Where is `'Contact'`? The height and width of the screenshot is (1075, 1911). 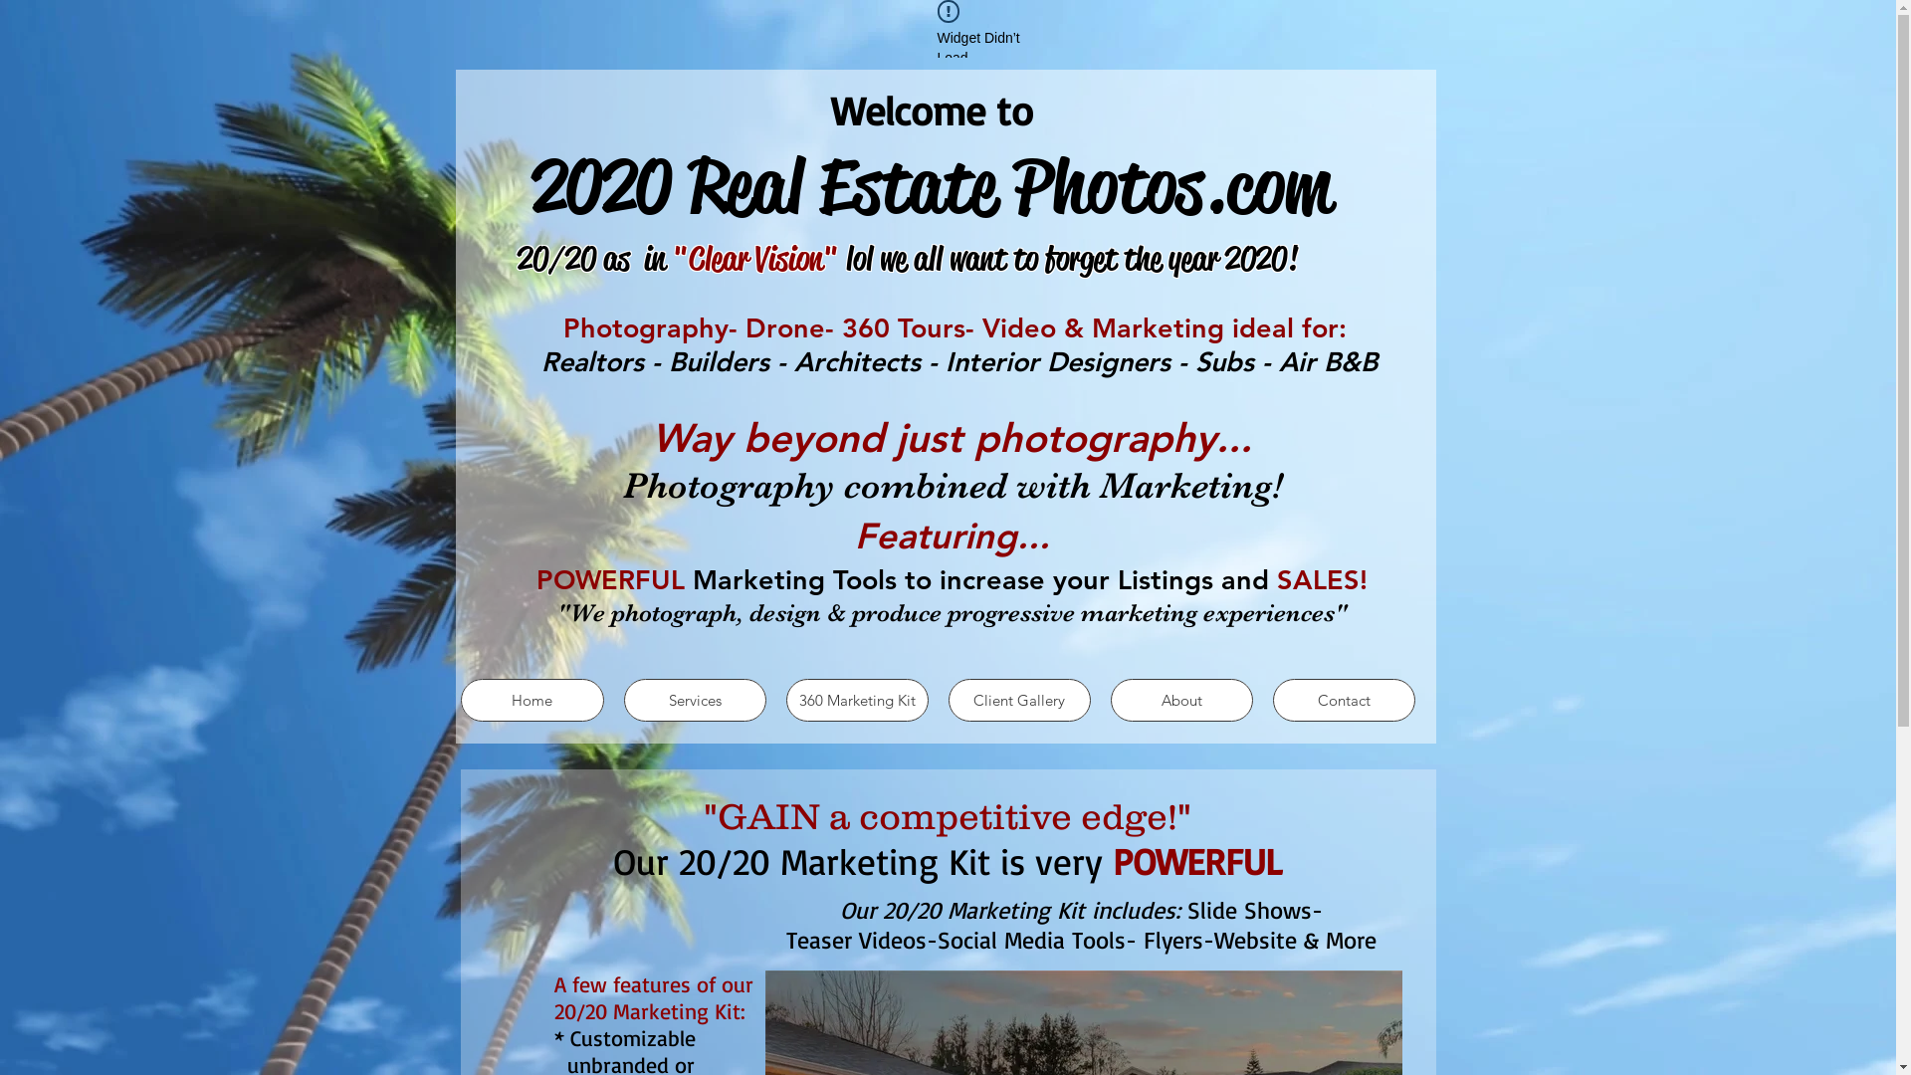 'Contact' is located at coordinates (1343, 699).